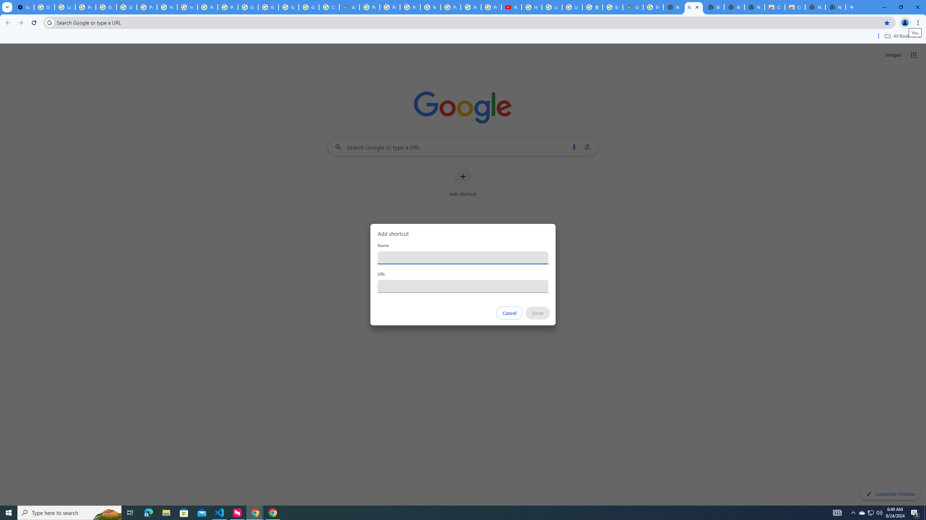  Describe the element at coordinates (49, 22) in the screenshot. I see `'Search icon'` at that location.